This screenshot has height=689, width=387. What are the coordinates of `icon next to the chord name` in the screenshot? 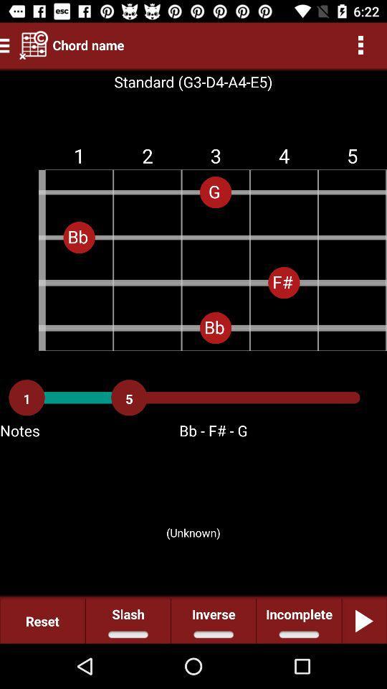 It's located at (34, 44).